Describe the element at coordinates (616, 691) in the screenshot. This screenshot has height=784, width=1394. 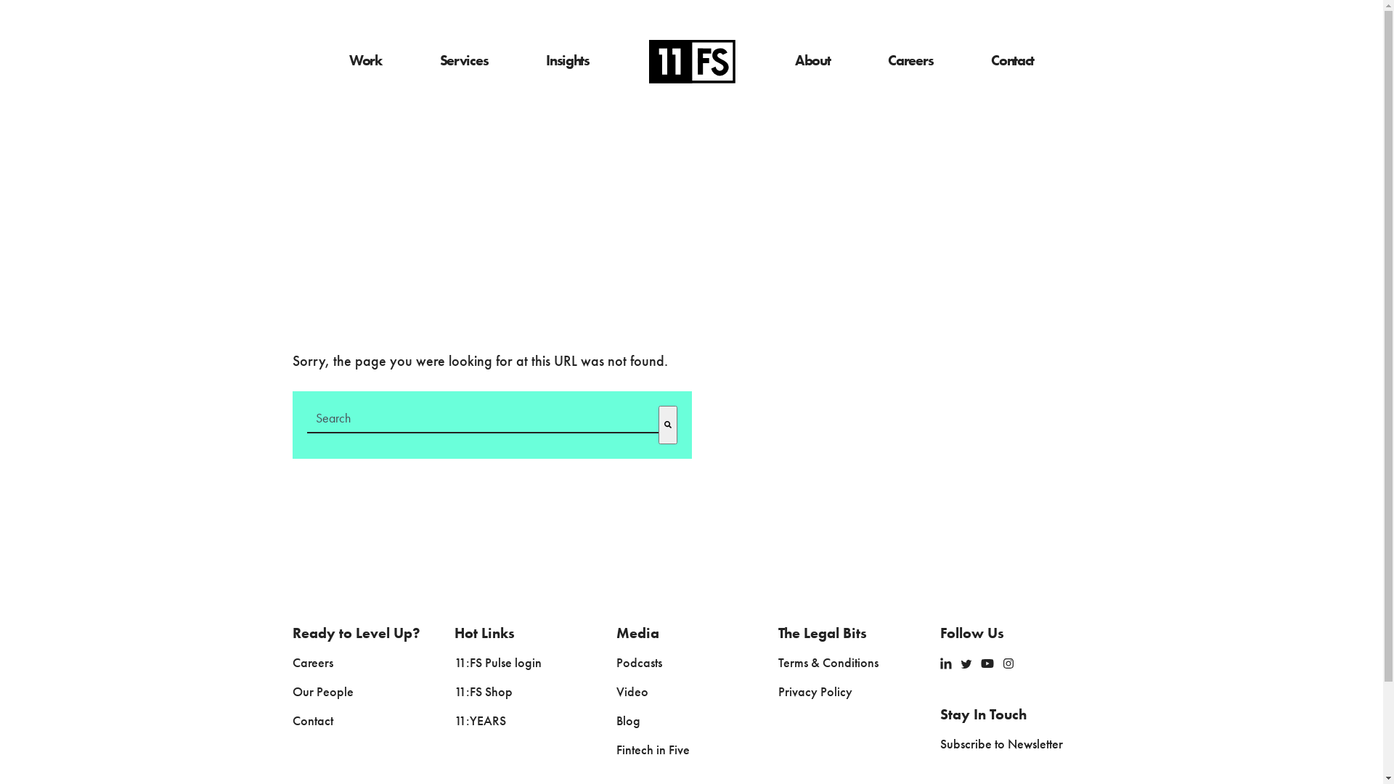
I see `'Video'` at that location.